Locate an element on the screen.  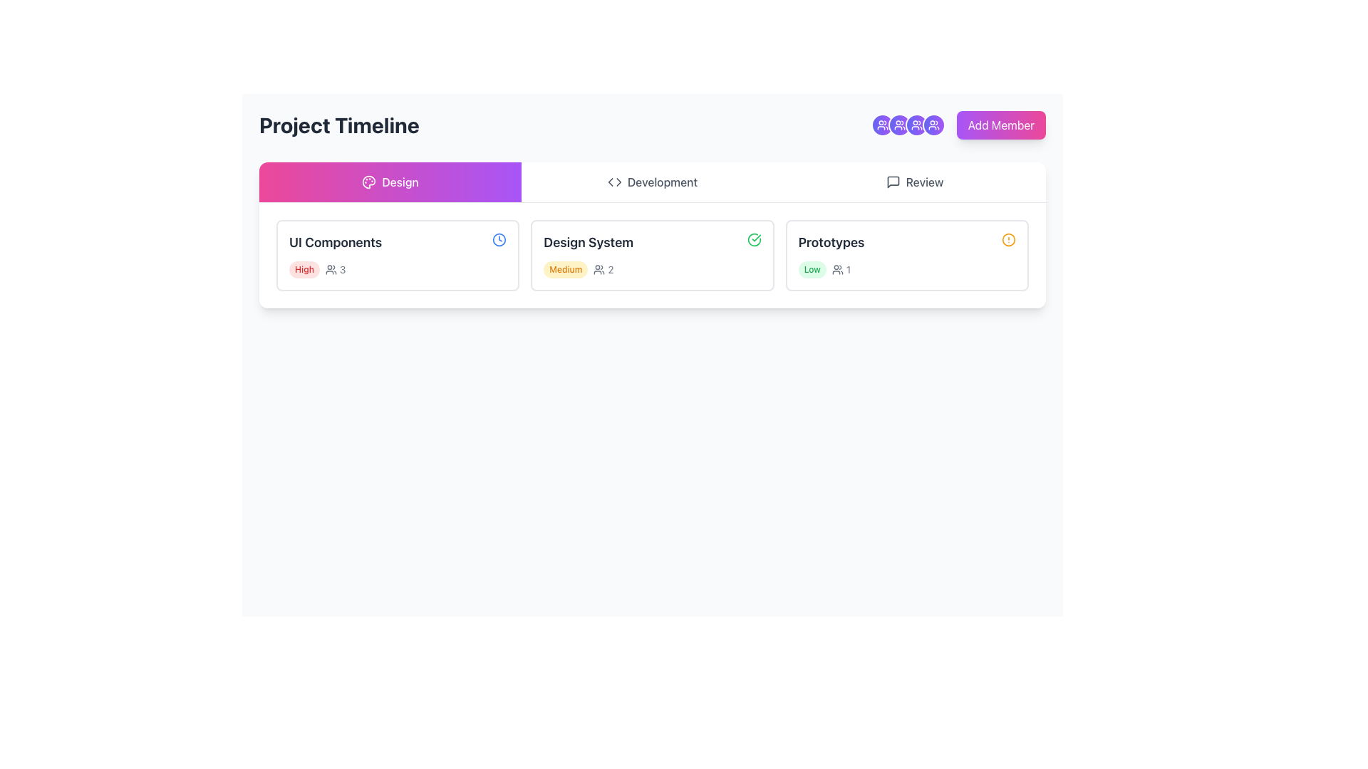
the text label displaying 'Development' in the navigation bar is located at coordinates (662, 181).